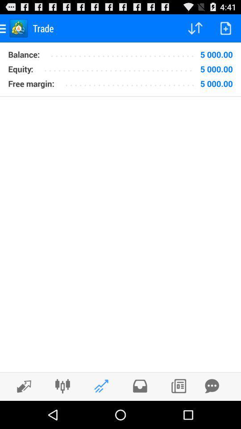 The image size is (241, 429). What do you see at coordinates (212, 413) in the screenshot?
I see `the chat icon` at bounding box center [212, 413].